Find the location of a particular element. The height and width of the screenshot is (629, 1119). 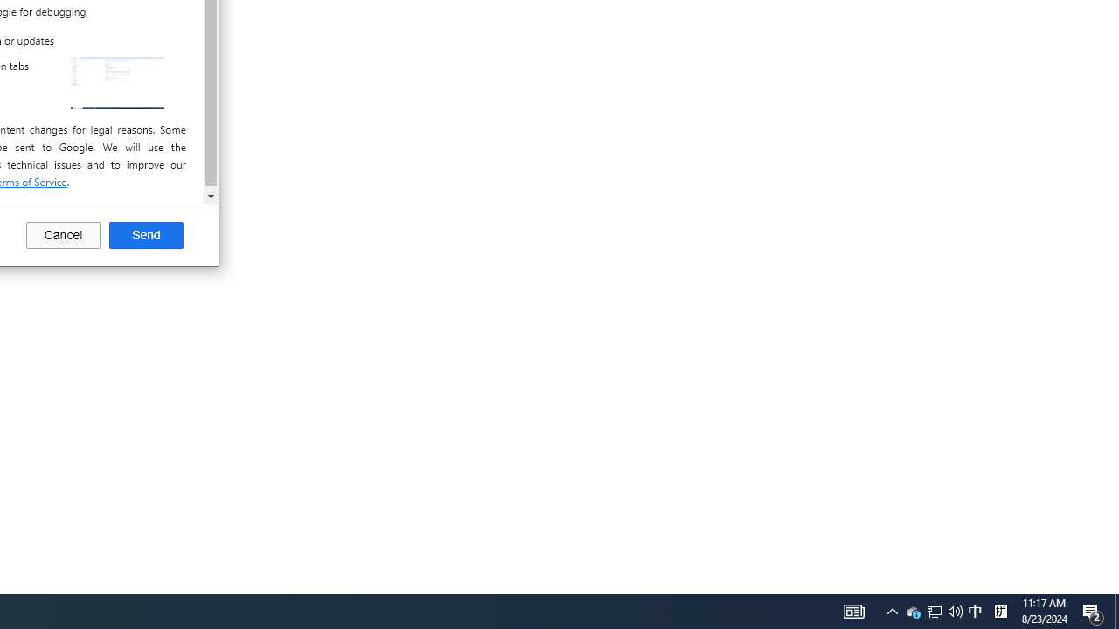

'Q2790: 100%' is located at coordinates (913, 610).